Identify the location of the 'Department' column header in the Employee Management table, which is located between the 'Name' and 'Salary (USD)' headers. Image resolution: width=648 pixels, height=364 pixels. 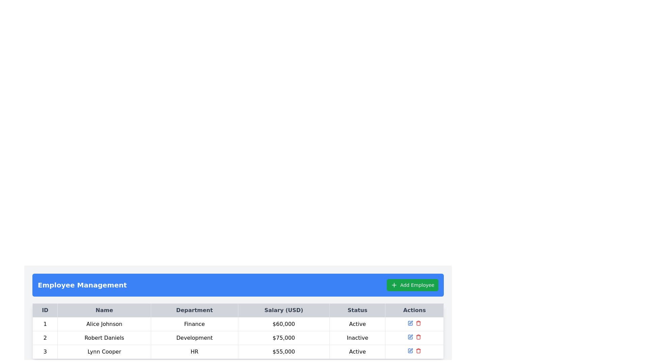
(194, 310).